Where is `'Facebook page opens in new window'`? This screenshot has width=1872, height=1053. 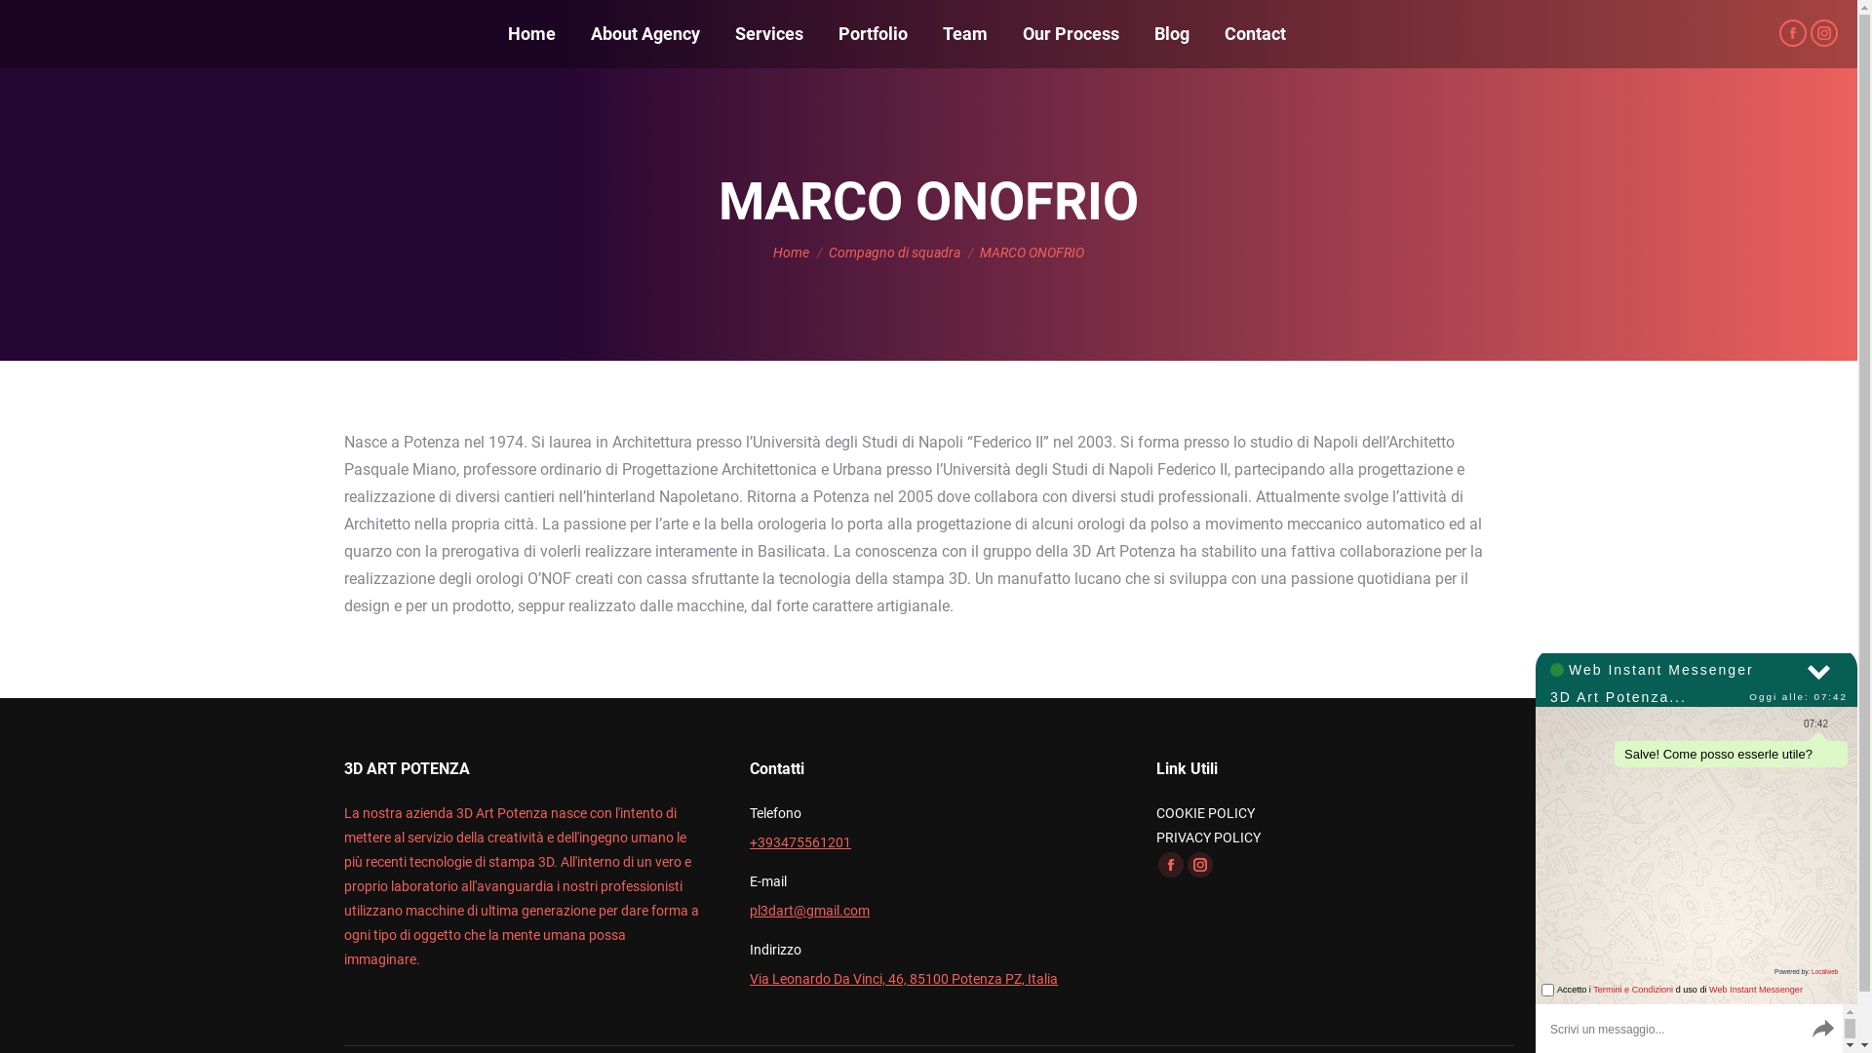
'Facebook page opens in new window' is located at coordinates (1792, 33).